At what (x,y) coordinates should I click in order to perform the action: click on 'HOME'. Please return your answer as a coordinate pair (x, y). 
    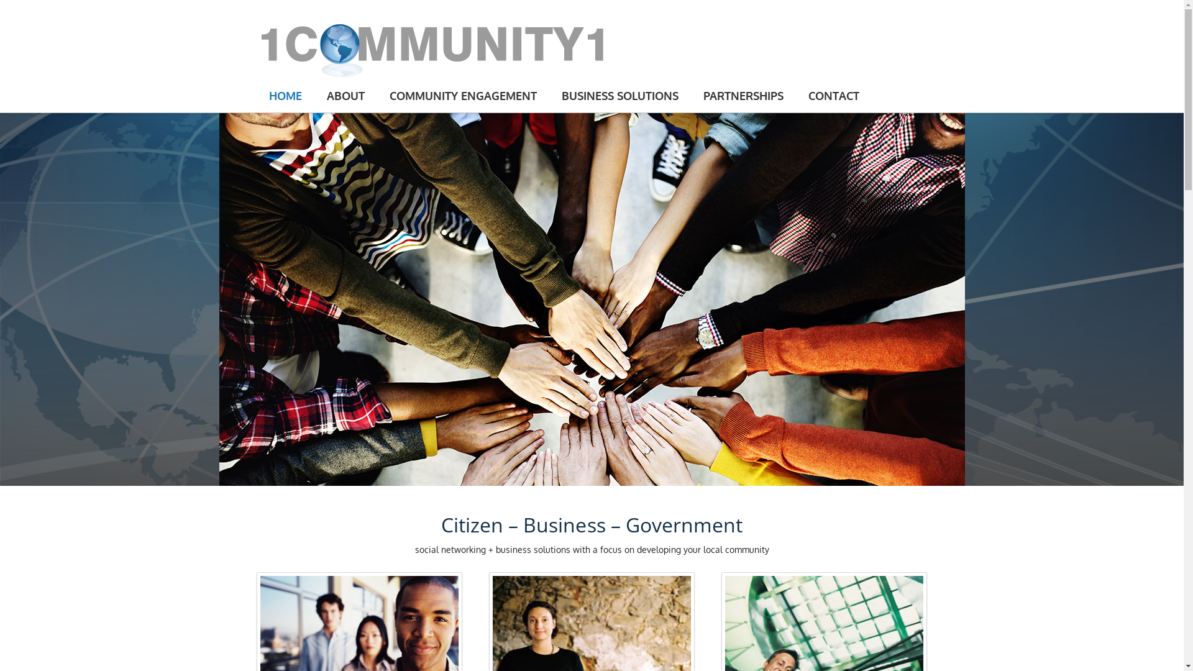
    Looking at the image, I should click on (284, 95).